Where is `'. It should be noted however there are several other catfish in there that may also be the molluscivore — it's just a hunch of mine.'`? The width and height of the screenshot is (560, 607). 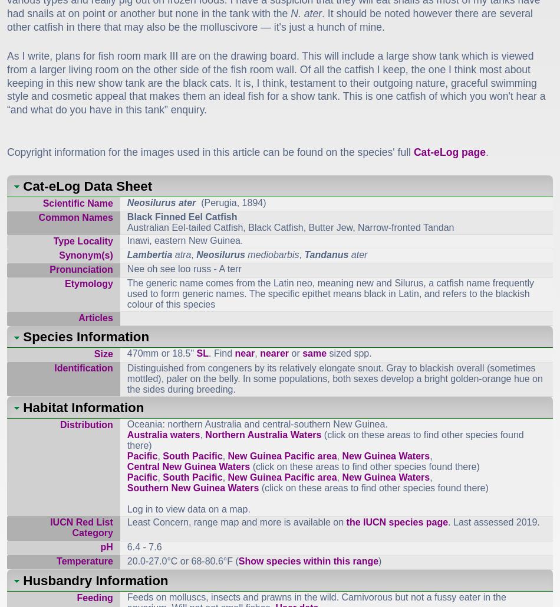
'. It should be noted however there are several other catfish in there that may also be the molluscivore — it's just a hunch of mine.' is located at coordinates (269, 19).